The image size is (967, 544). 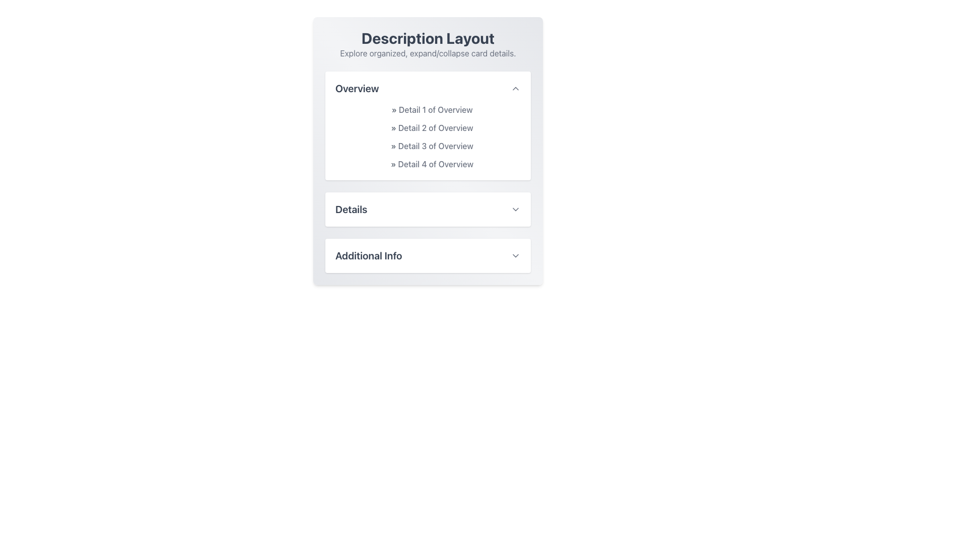 What do you see at coordinates (428, 164) in the screenshot?
I see `the text label that reads '» Detail 4 of Overview', which is the fourth item in the vertical list under the 'Overview' section` at bounding box center [428, 164].